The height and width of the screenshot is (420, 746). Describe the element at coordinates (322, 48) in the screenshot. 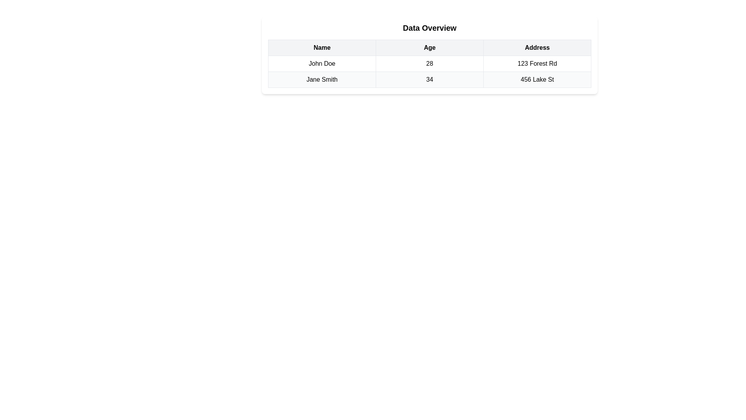

I see `text content of the Table Header Cell labeled 'Name' which is the first cell in the table row under the 'Data Overview' header` at that location.